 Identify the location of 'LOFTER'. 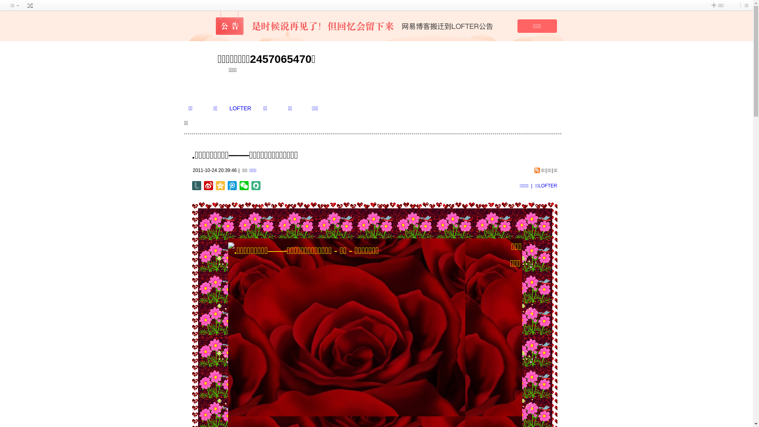
(227, 108).